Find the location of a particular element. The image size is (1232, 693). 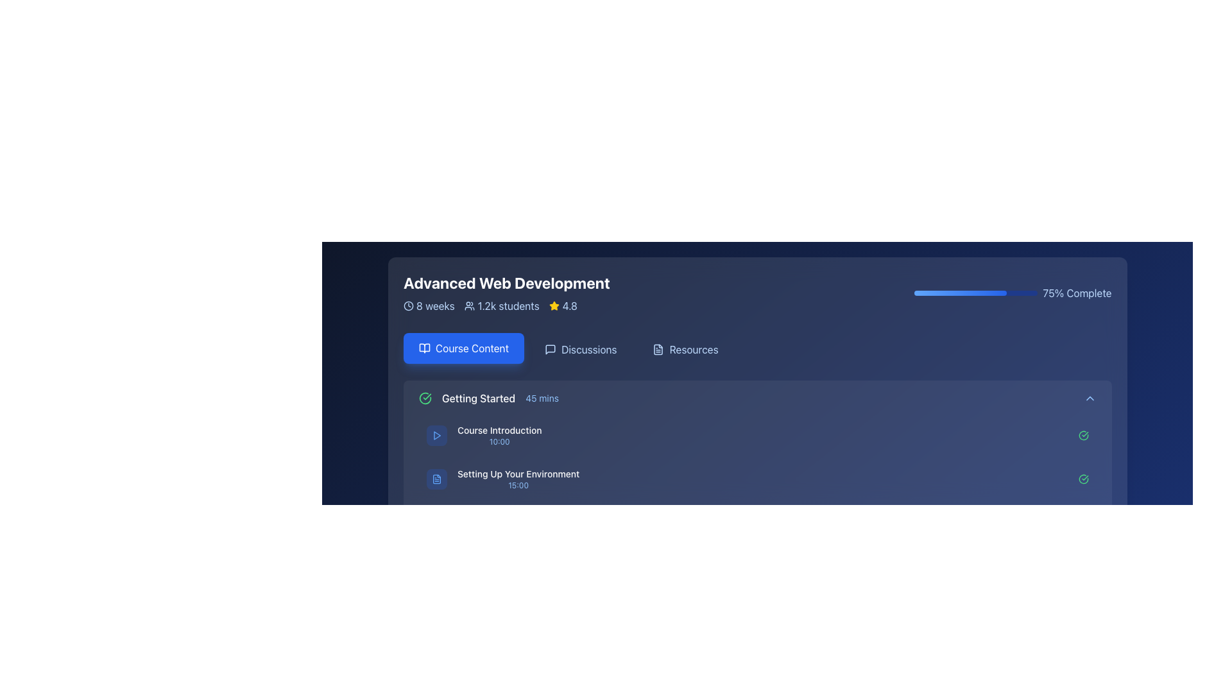

the progress bar segment located at the top-right portion of the interface, which transitions from lighter blue to darker blue and indicates 75% completion is located at coordinates (961, 293).